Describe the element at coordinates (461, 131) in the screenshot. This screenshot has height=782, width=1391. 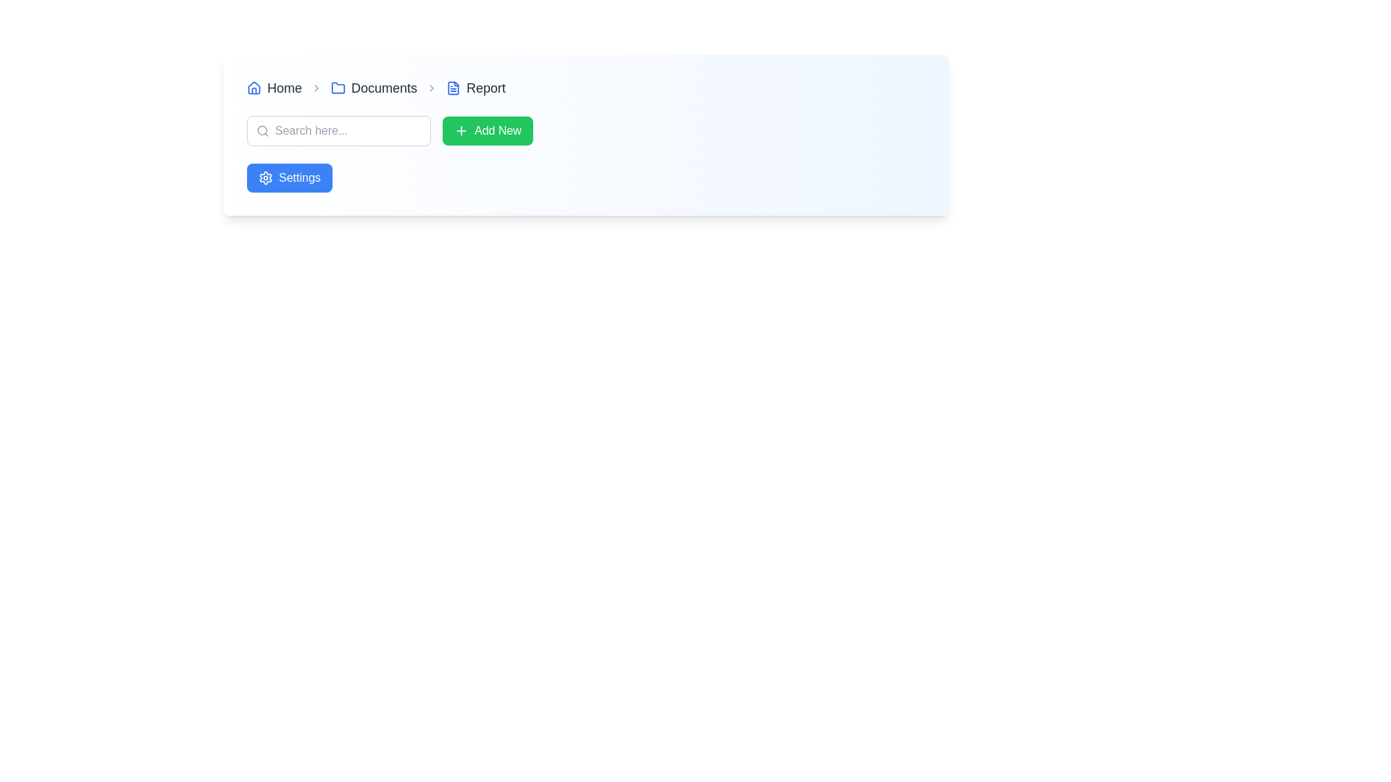
I see `the green square icon with a '+' symbol located within the 'Add New' button` at that location.